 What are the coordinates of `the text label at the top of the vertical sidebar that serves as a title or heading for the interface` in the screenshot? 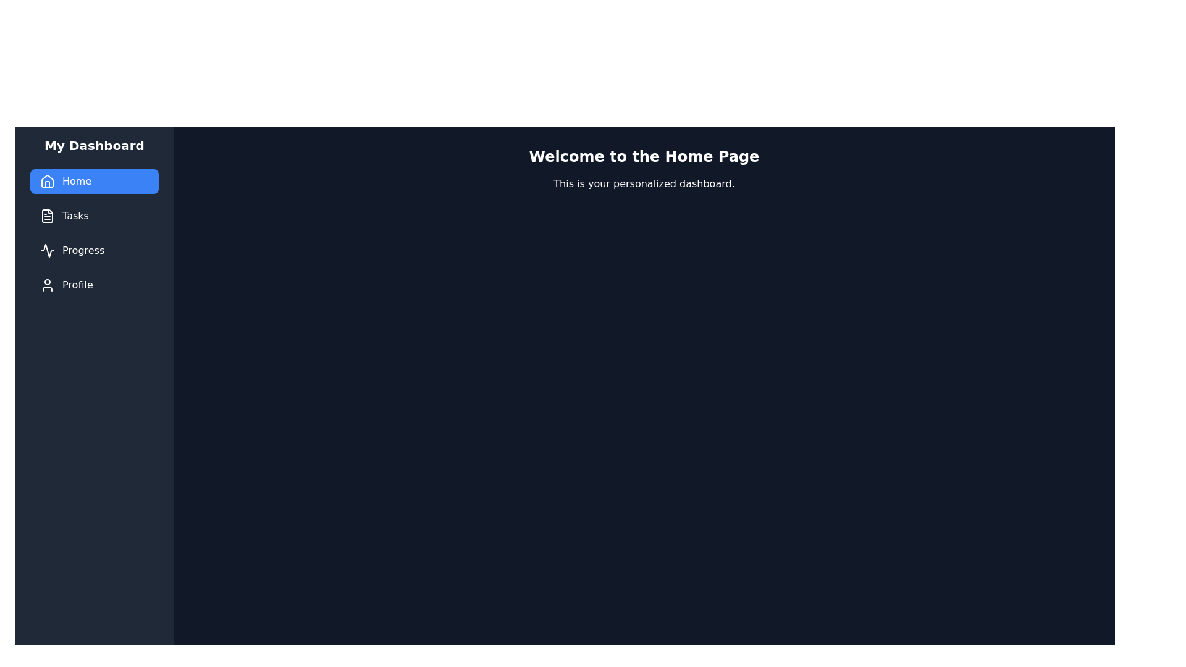 It's located at (94, 145).